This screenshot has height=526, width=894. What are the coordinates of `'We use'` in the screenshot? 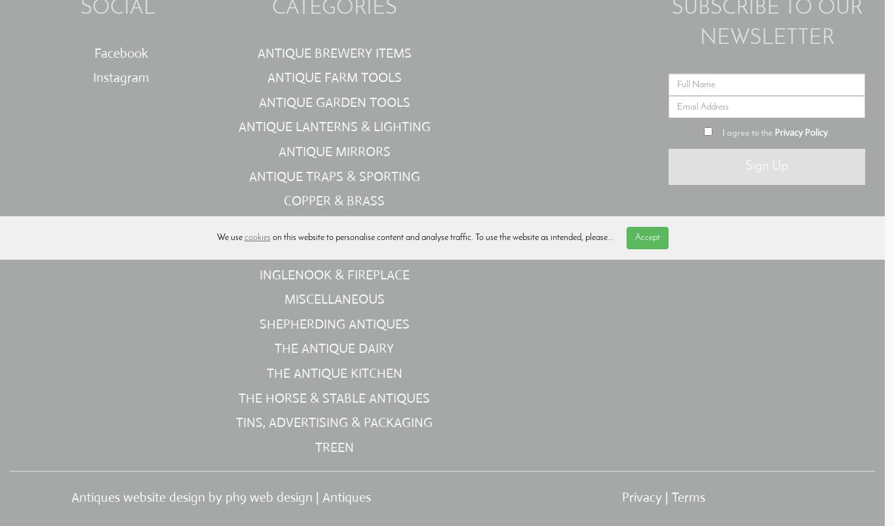 It's located at (229, 237).